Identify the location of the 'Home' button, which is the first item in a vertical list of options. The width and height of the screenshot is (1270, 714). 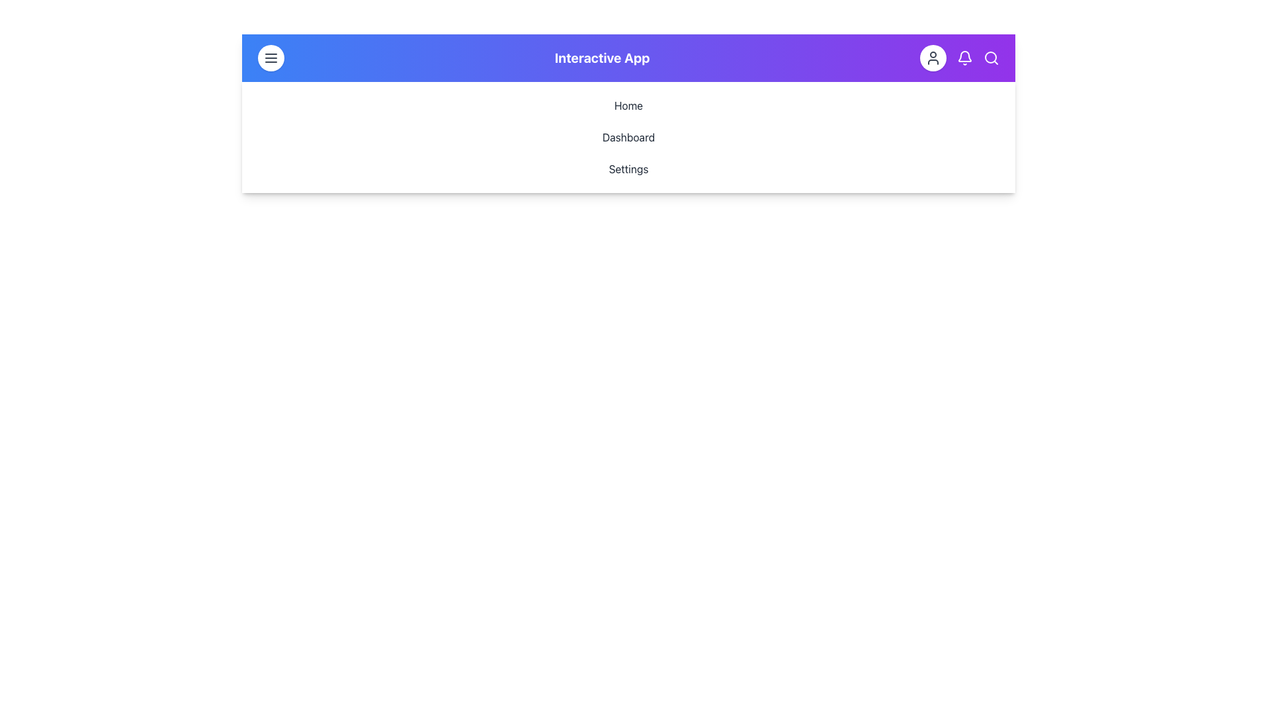
(628, 104).